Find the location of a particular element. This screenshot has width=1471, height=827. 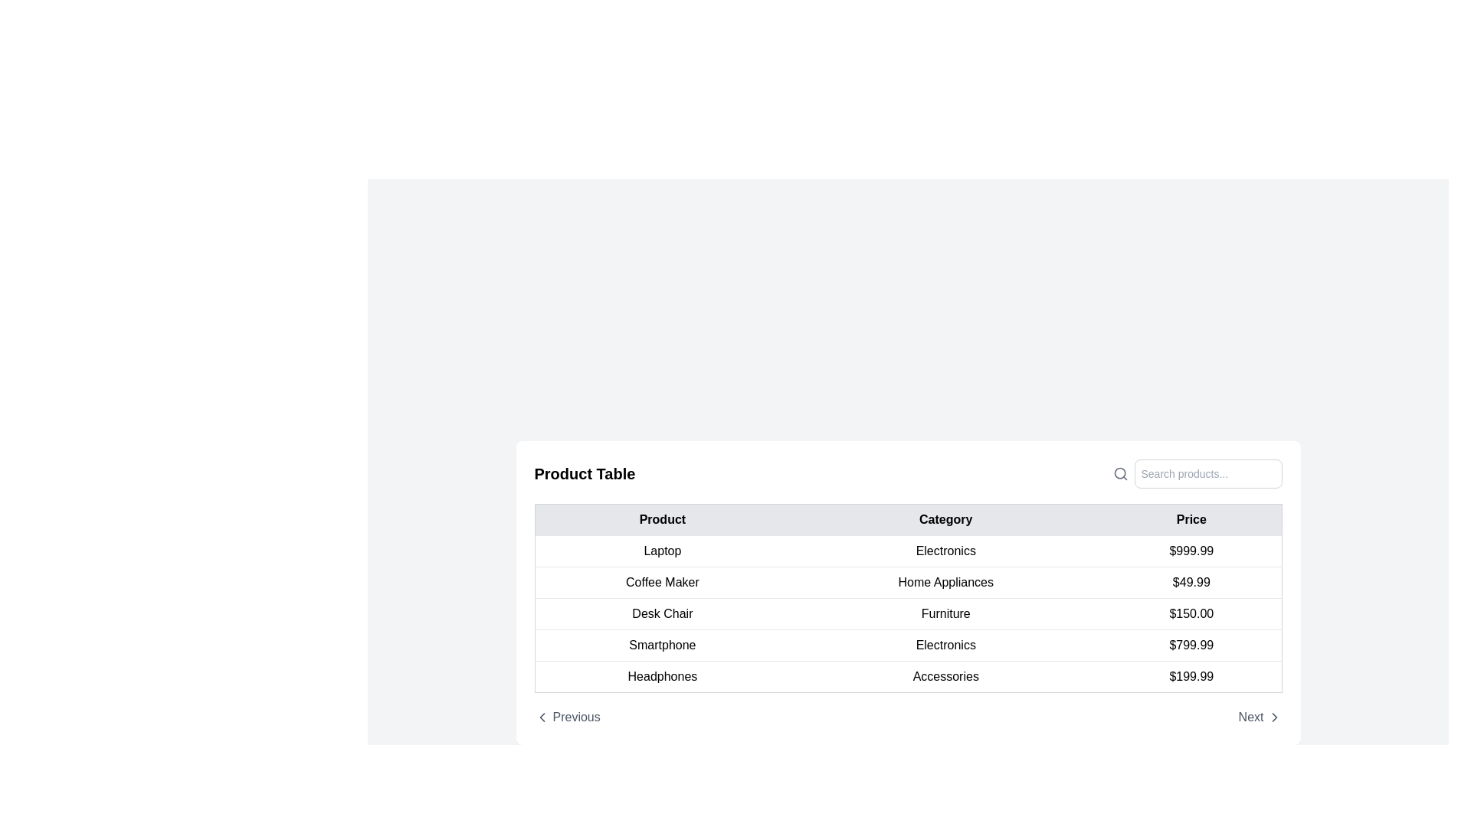

the product name text displayed in the last row of the table under the 'Product' column is located at coordinates (662, 675).